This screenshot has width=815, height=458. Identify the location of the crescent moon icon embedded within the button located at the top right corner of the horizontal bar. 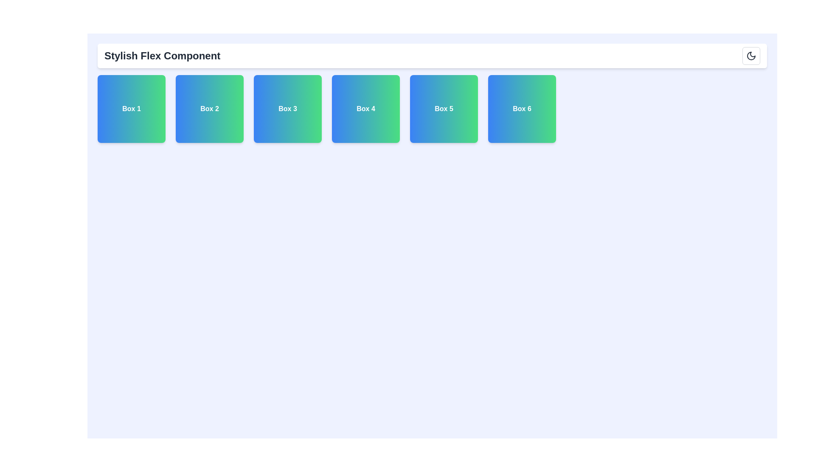
(751, 56).